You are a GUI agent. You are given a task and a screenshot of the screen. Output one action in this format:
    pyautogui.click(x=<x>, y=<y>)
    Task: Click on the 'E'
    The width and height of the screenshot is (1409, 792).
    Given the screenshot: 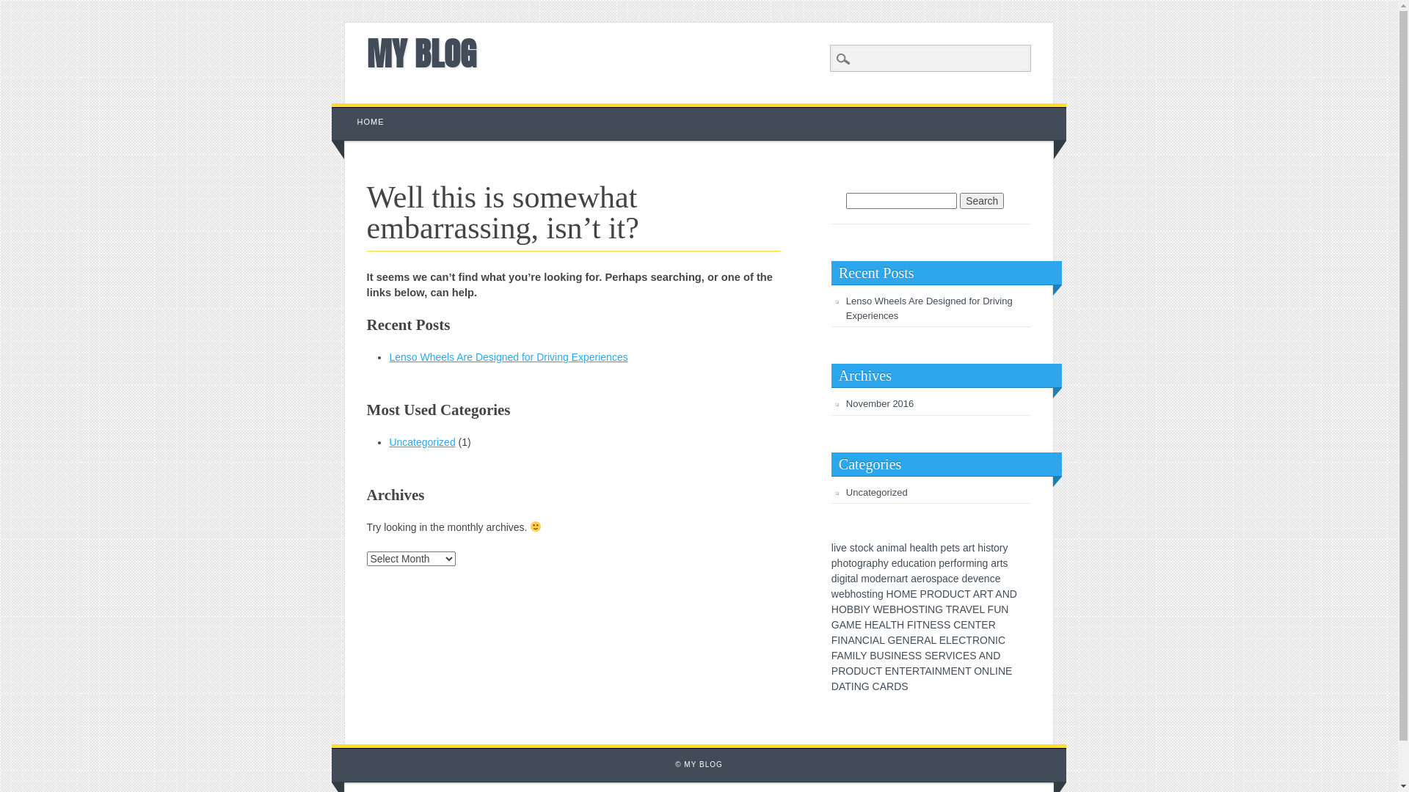 What is the action you would take?
    pyautogui.click(x=887, y=670)
    